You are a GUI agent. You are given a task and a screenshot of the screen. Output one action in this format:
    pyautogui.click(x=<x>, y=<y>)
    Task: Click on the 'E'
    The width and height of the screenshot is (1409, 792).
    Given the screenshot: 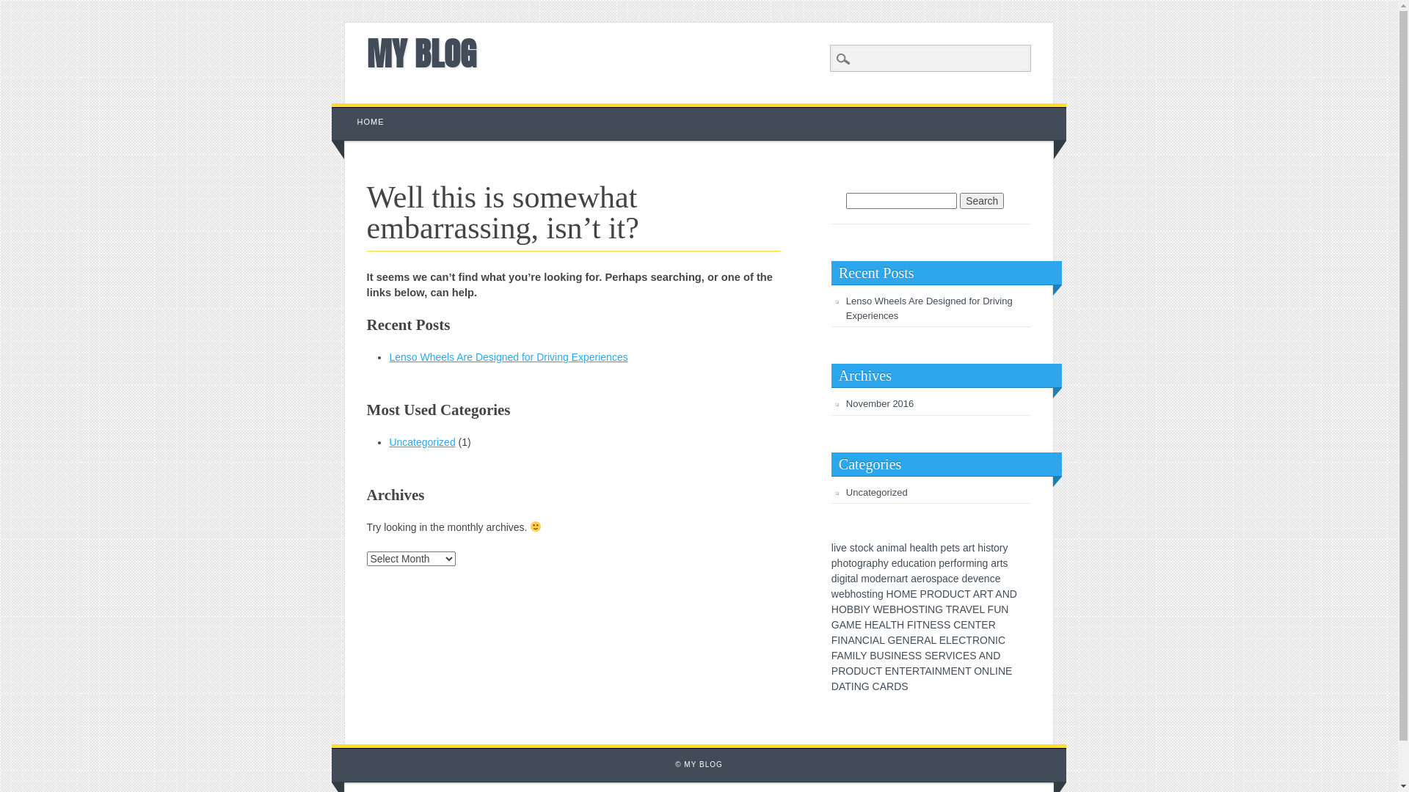 What is the action you would take?
    pyautogui.click(x=887, y=670)
    